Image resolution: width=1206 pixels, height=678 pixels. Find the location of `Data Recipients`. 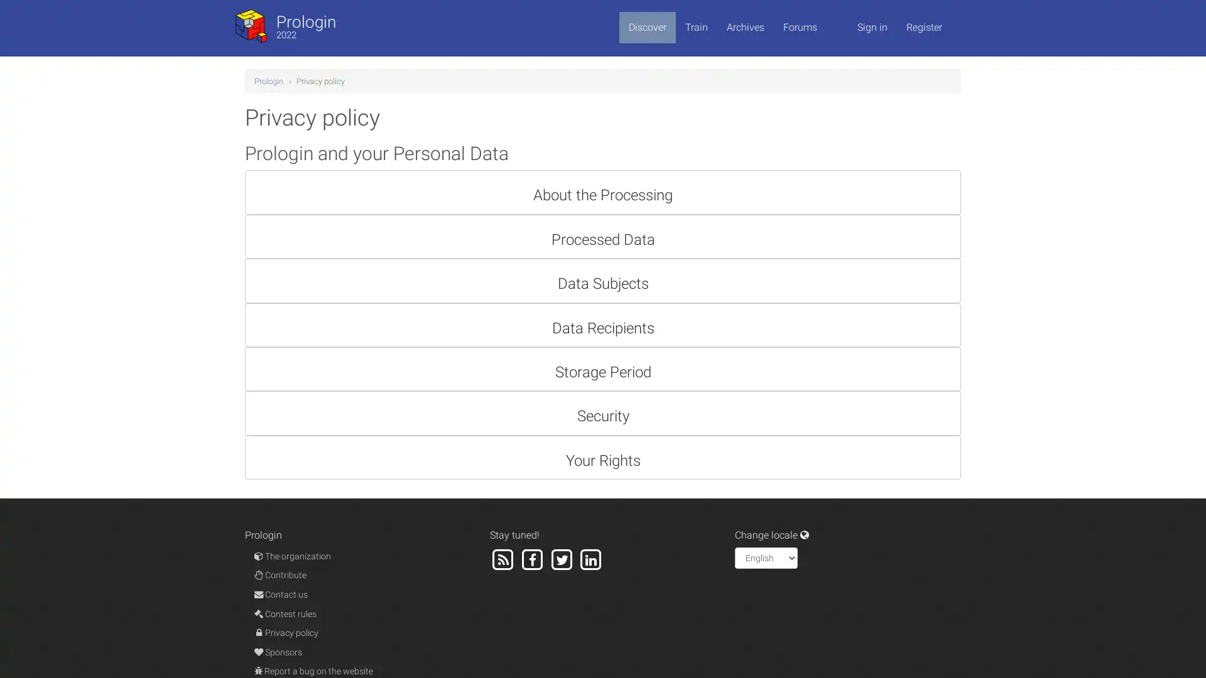

Data Recipients is located at coordinates (603, 324).